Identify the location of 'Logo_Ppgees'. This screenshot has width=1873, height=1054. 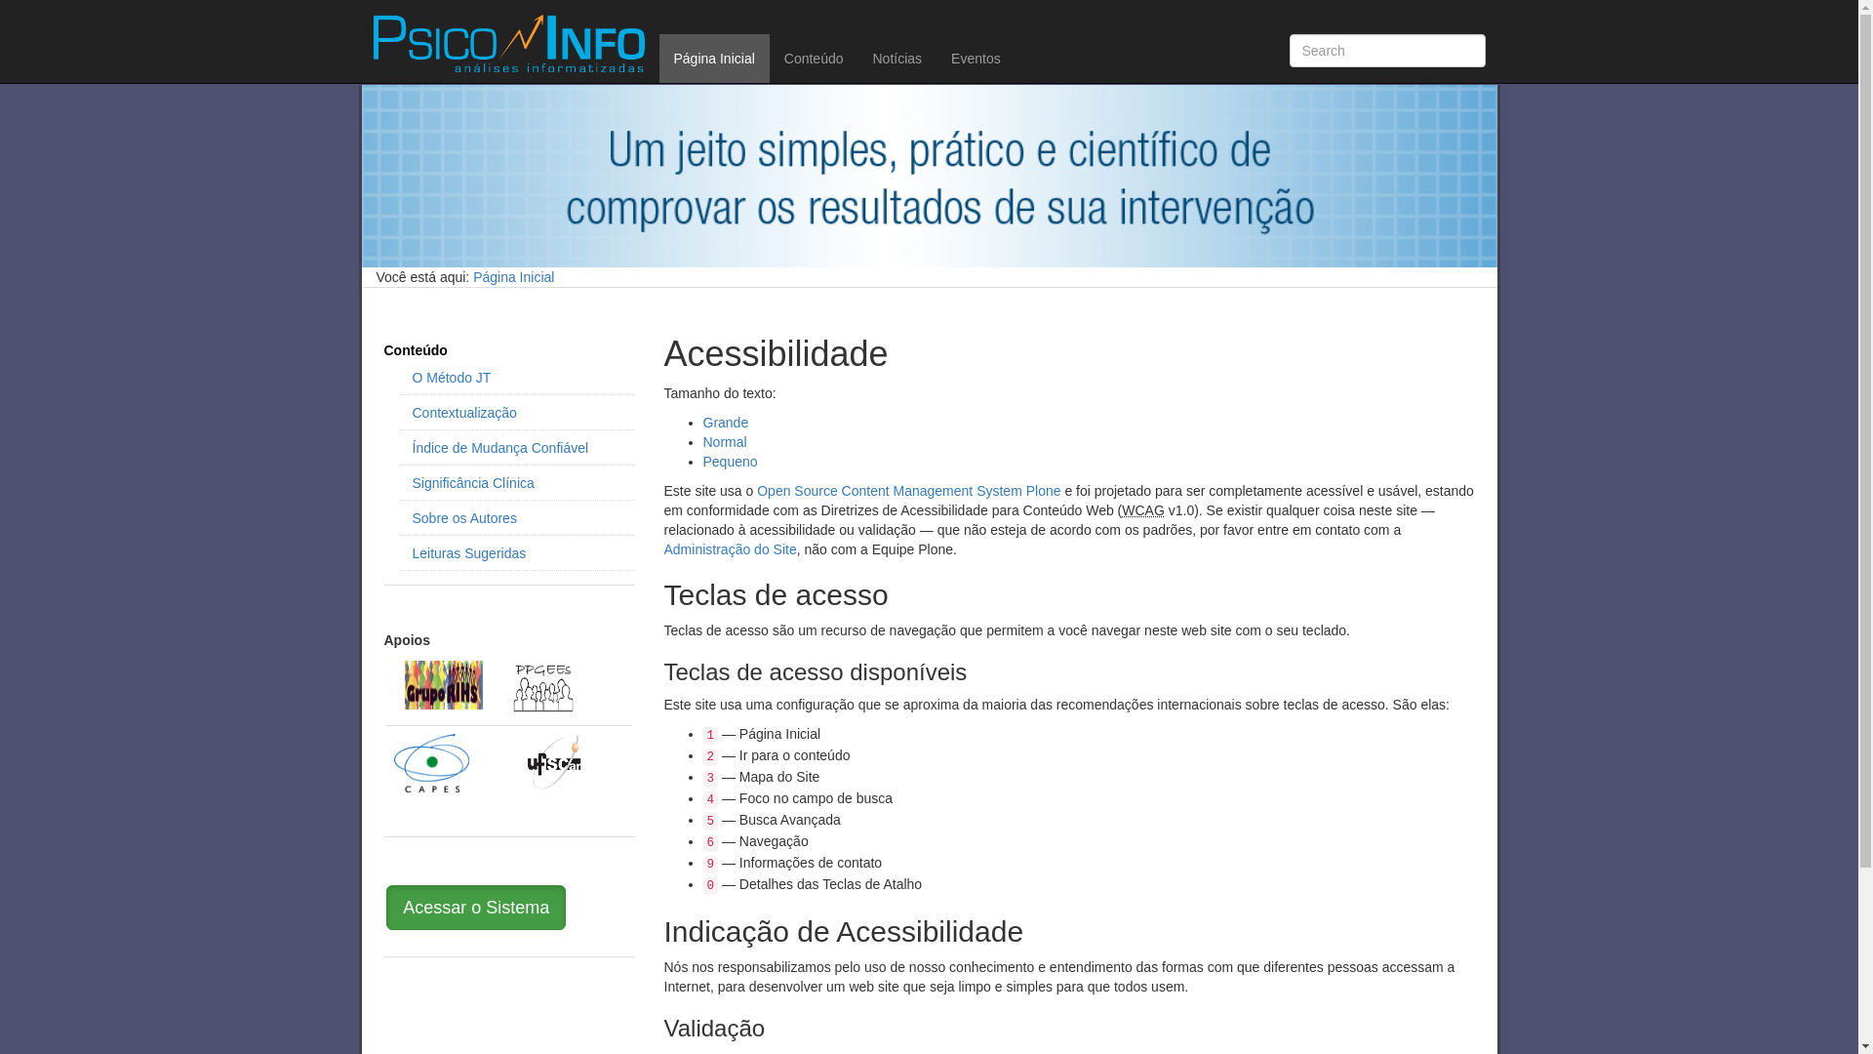
(542, 687).